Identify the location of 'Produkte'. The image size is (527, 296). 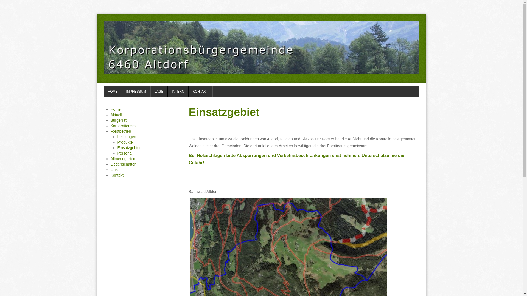
(117, 142).